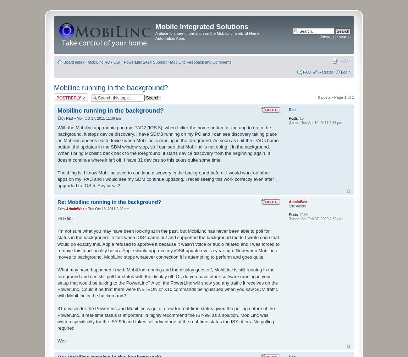  Describe the element at coordinates (307, 72) in the screenshot. I see `'FAQ'` at that location.